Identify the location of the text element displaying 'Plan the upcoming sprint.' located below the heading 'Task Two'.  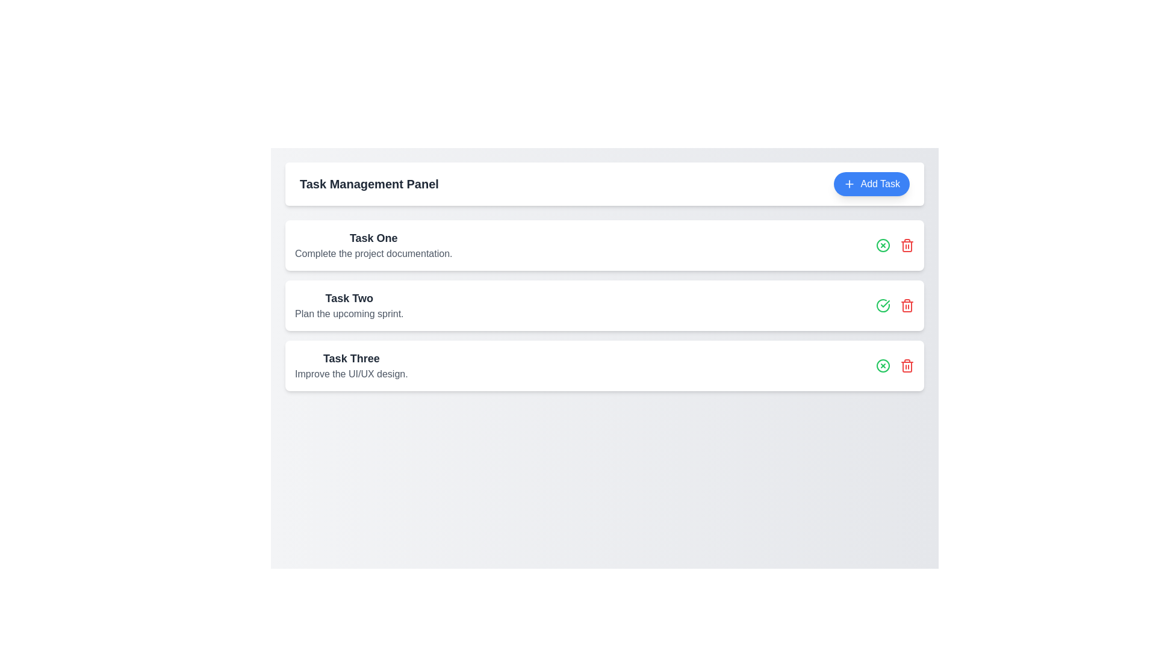
(349, 313).